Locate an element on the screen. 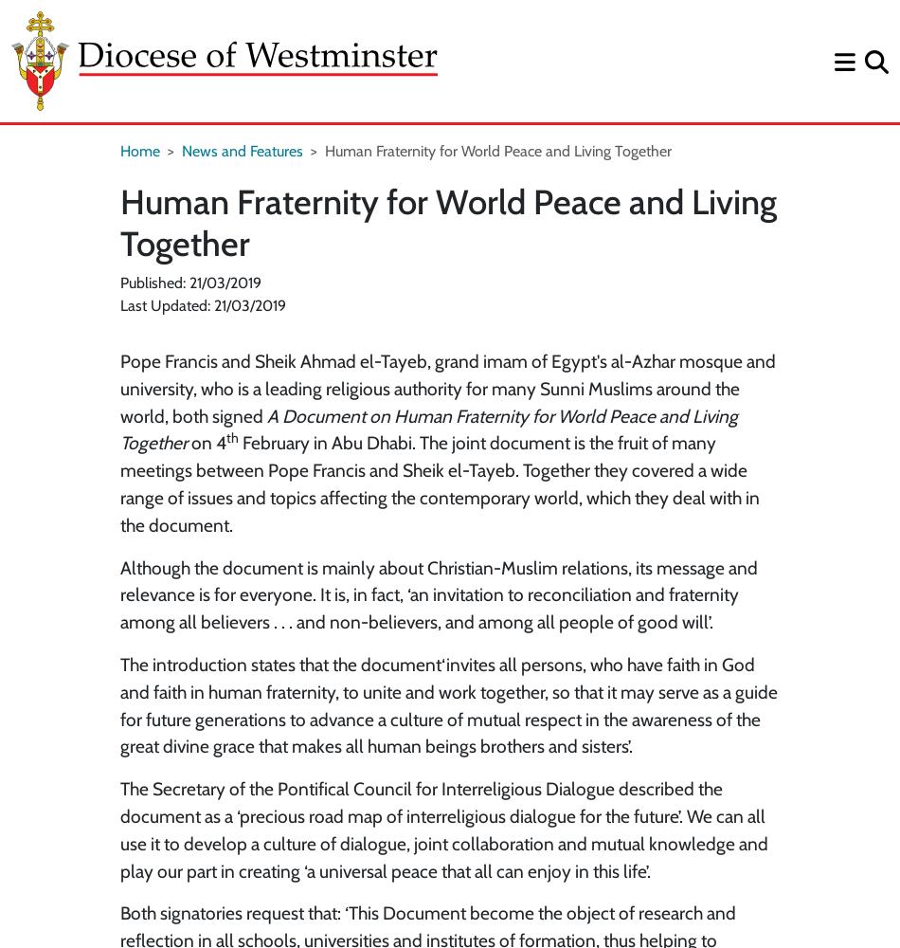  'The Secretary of the Pontifical Council for Interreligious Dialogue described the document as a ‘precious road map of interreligious dialogue for the future’. We can all use it to develop a culture of dialogue, joint collaboration and mutual knowledge and play our part in creating ‘a universal peace that all can enjoy in this life’.' is located at coordinates (120, 829).